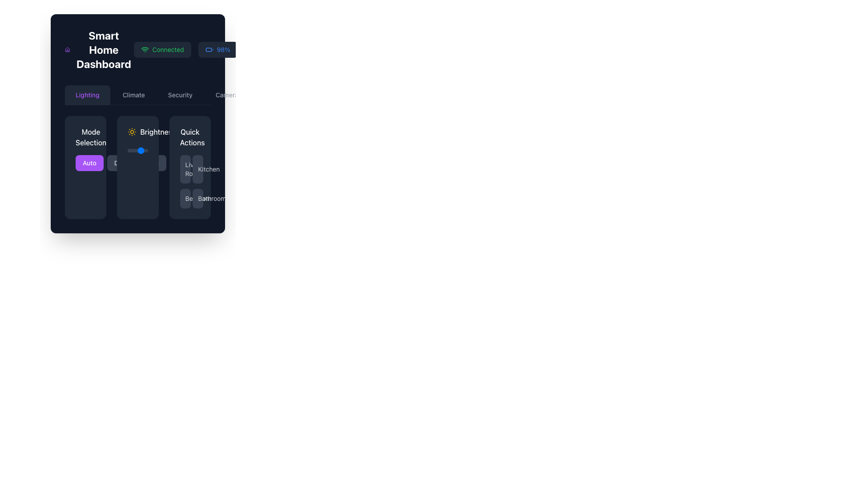 The width and height of the screenshot is (854, 480). I want to click on the sun icon located at the top-left corner of the 'Brightness' card, so click(132, 132).